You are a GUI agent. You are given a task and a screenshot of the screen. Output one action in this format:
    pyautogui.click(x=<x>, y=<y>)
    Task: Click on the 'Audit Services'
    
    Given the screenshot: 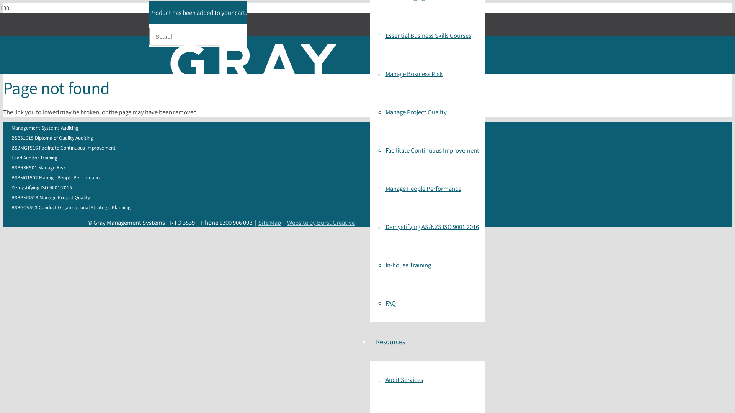 What is the action you would take?
    pyautogui.click(x=404, y=379)
    